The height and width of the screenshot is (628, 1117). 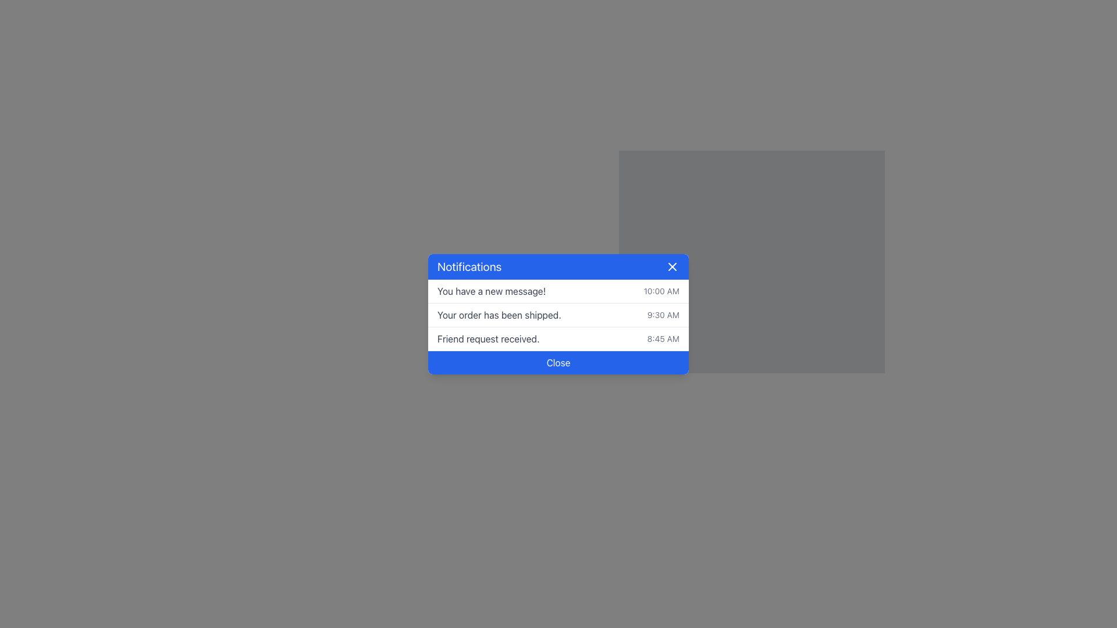 What do you see at coordinates (558, 291) in the screenshot?
I see `the topmost notification item in the Notifications modal` at bounding box center [558, 291].